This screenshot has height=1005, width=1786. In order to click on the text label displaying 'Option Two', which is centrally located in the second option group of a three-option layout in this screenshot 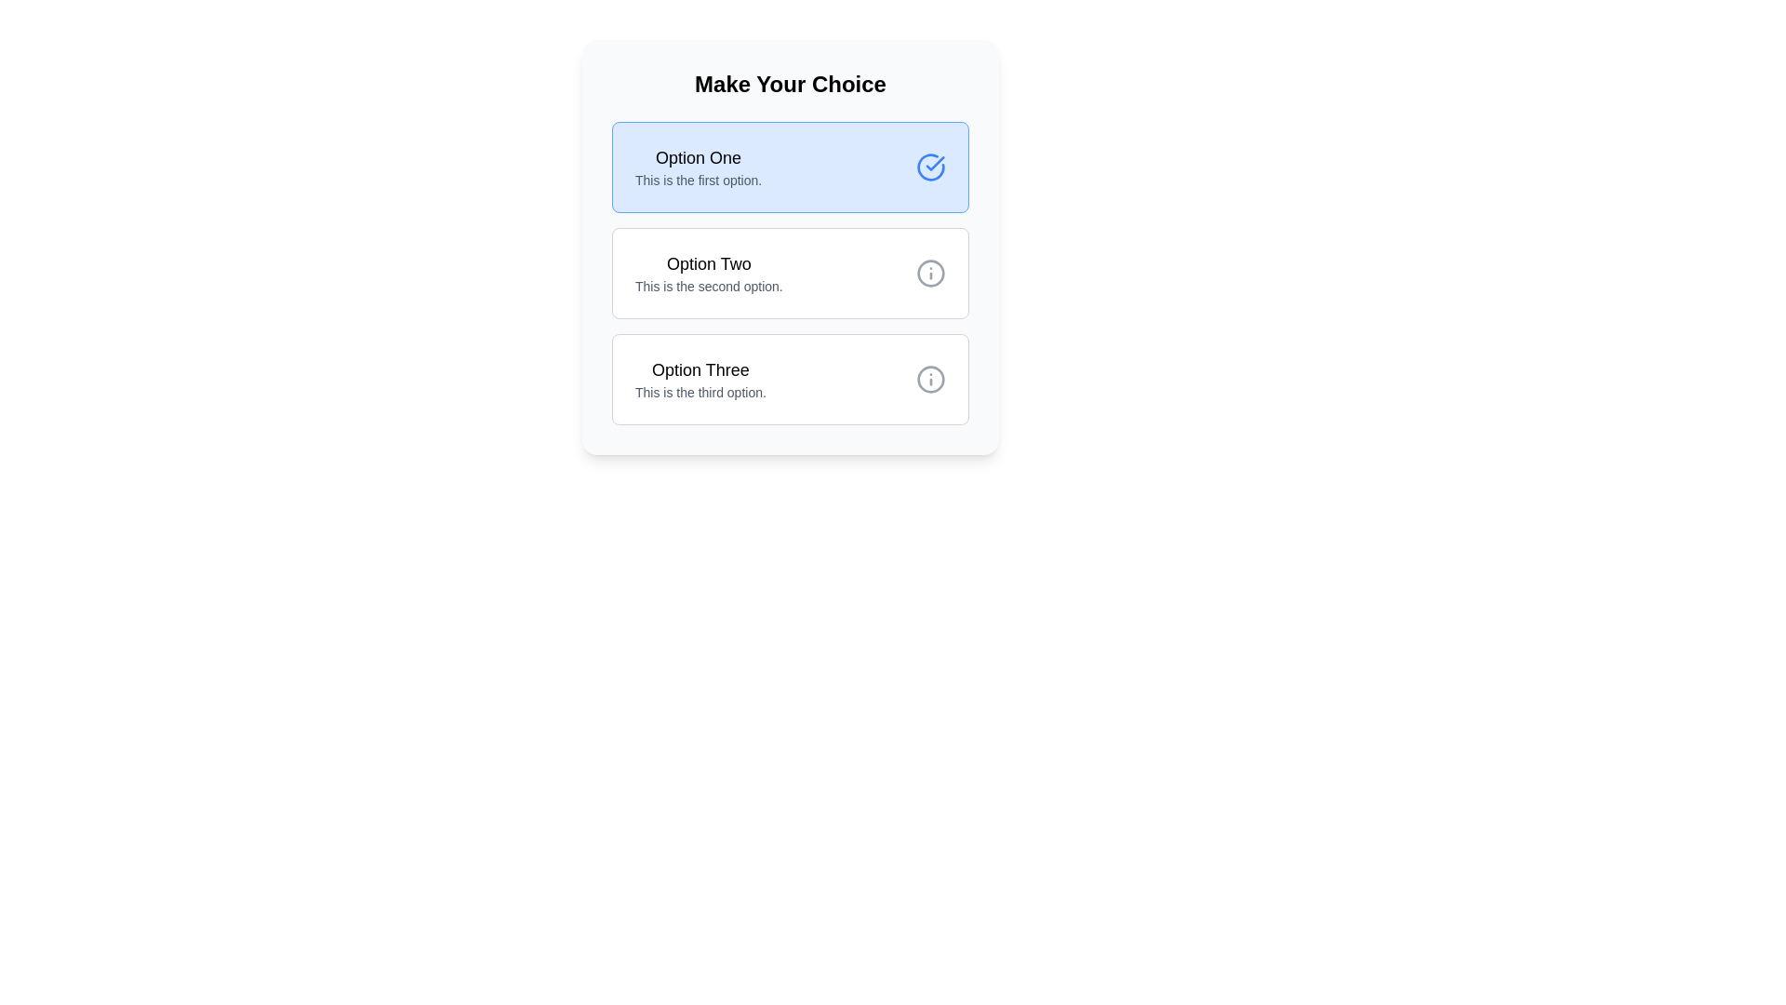, I will do `click(708, 264)`.